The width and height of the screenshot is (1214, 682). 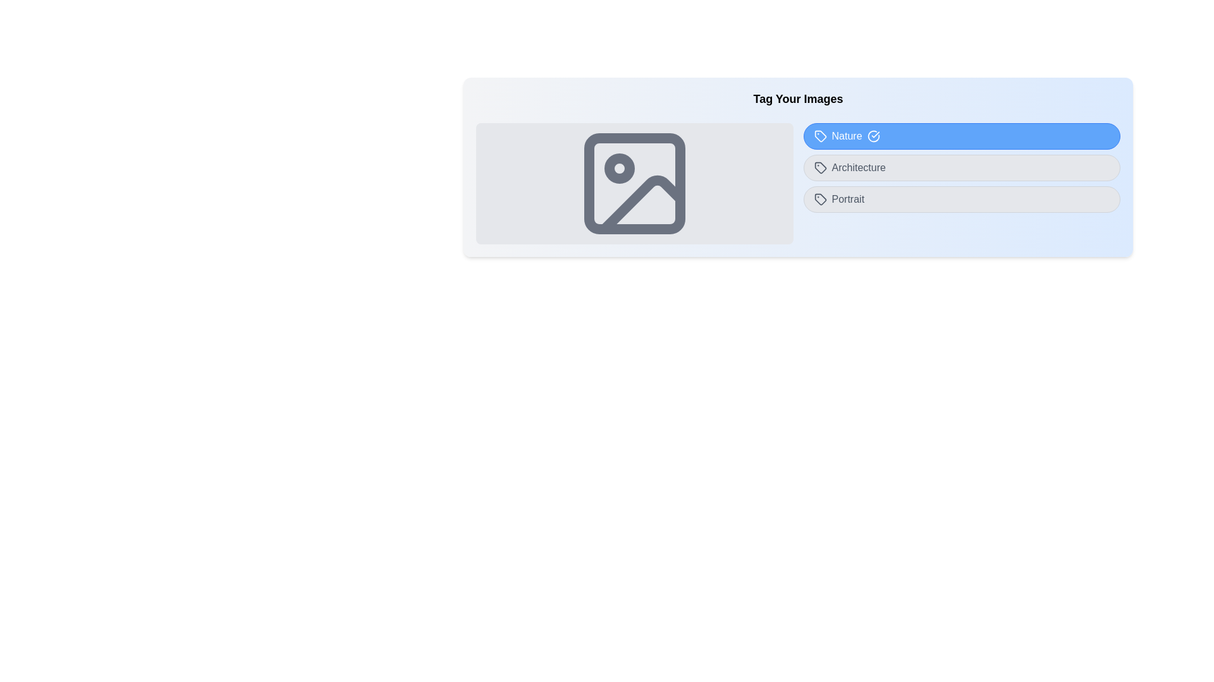 I want to click on the button labeled 'Architecture' to observe its hover effect, so click(x=961, y=167).